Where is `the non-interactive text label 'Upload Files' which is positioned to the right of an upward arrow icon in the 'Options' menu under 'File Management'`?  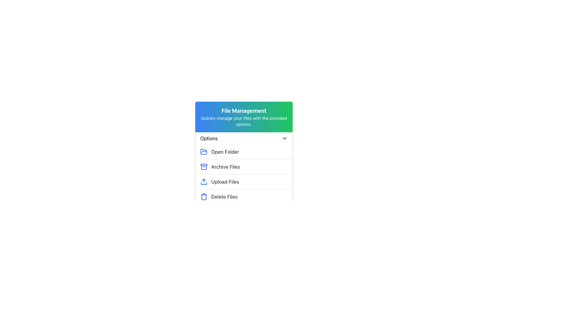
the non-interactive text label 'Upload Files' which is positioned to the right of an upward arrow icon in the 'Options' menu under 'File Management' is located at coordinates (225, 181).